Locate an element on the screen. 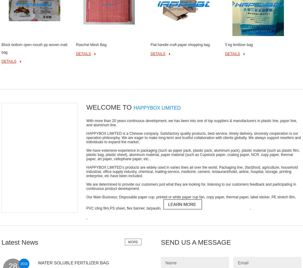 This screenshot has width=303, height=268. 'MORE' is located at coordinates (133, 241).